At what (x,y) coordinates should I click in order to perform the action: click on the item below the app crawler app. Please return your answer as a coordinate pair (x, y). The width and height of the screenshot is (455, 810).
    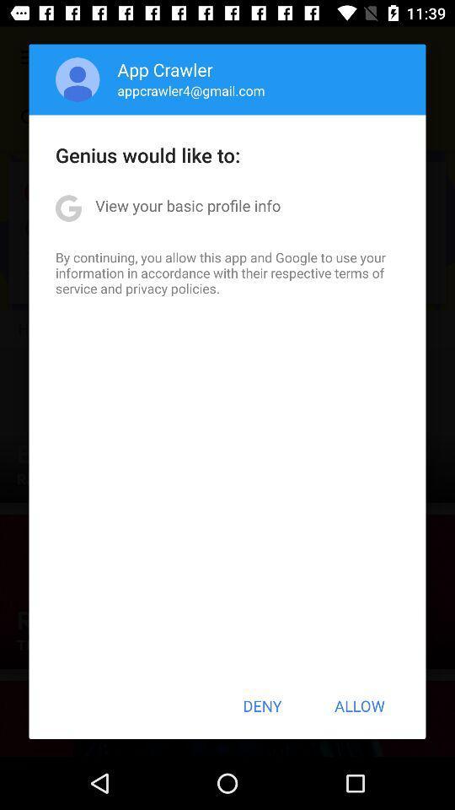
    Looking at the image, I should click on (190, 90).